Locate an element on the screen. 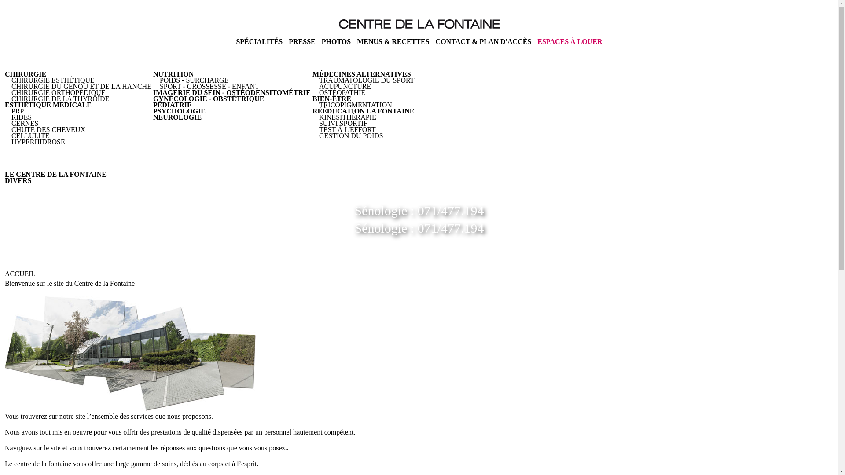 Image resolution: width=845 pixels, height=475 pixels. 'NEUROLOGIE' is located at coordinates (153, 117).